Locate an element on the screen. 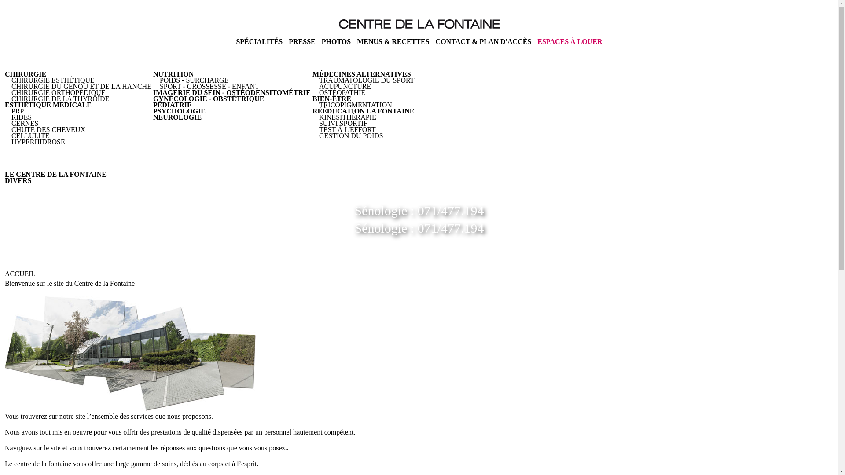 Image resolution: width=845 pixels, height=475 pixels. 'NEUROLOGIE' is located at coordinates (153, 117).